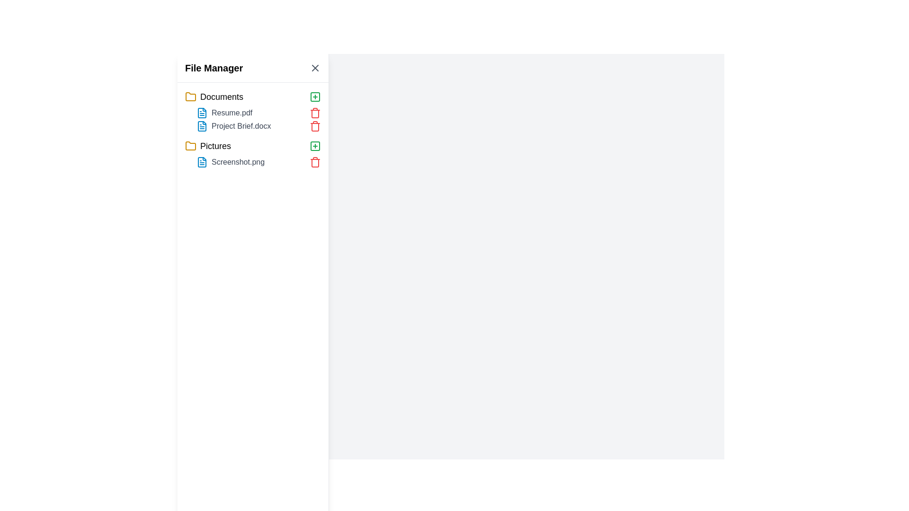  Describe the element at coordinates (315, 125) in the screenshot. I see `the red trash bin icon` at that location.